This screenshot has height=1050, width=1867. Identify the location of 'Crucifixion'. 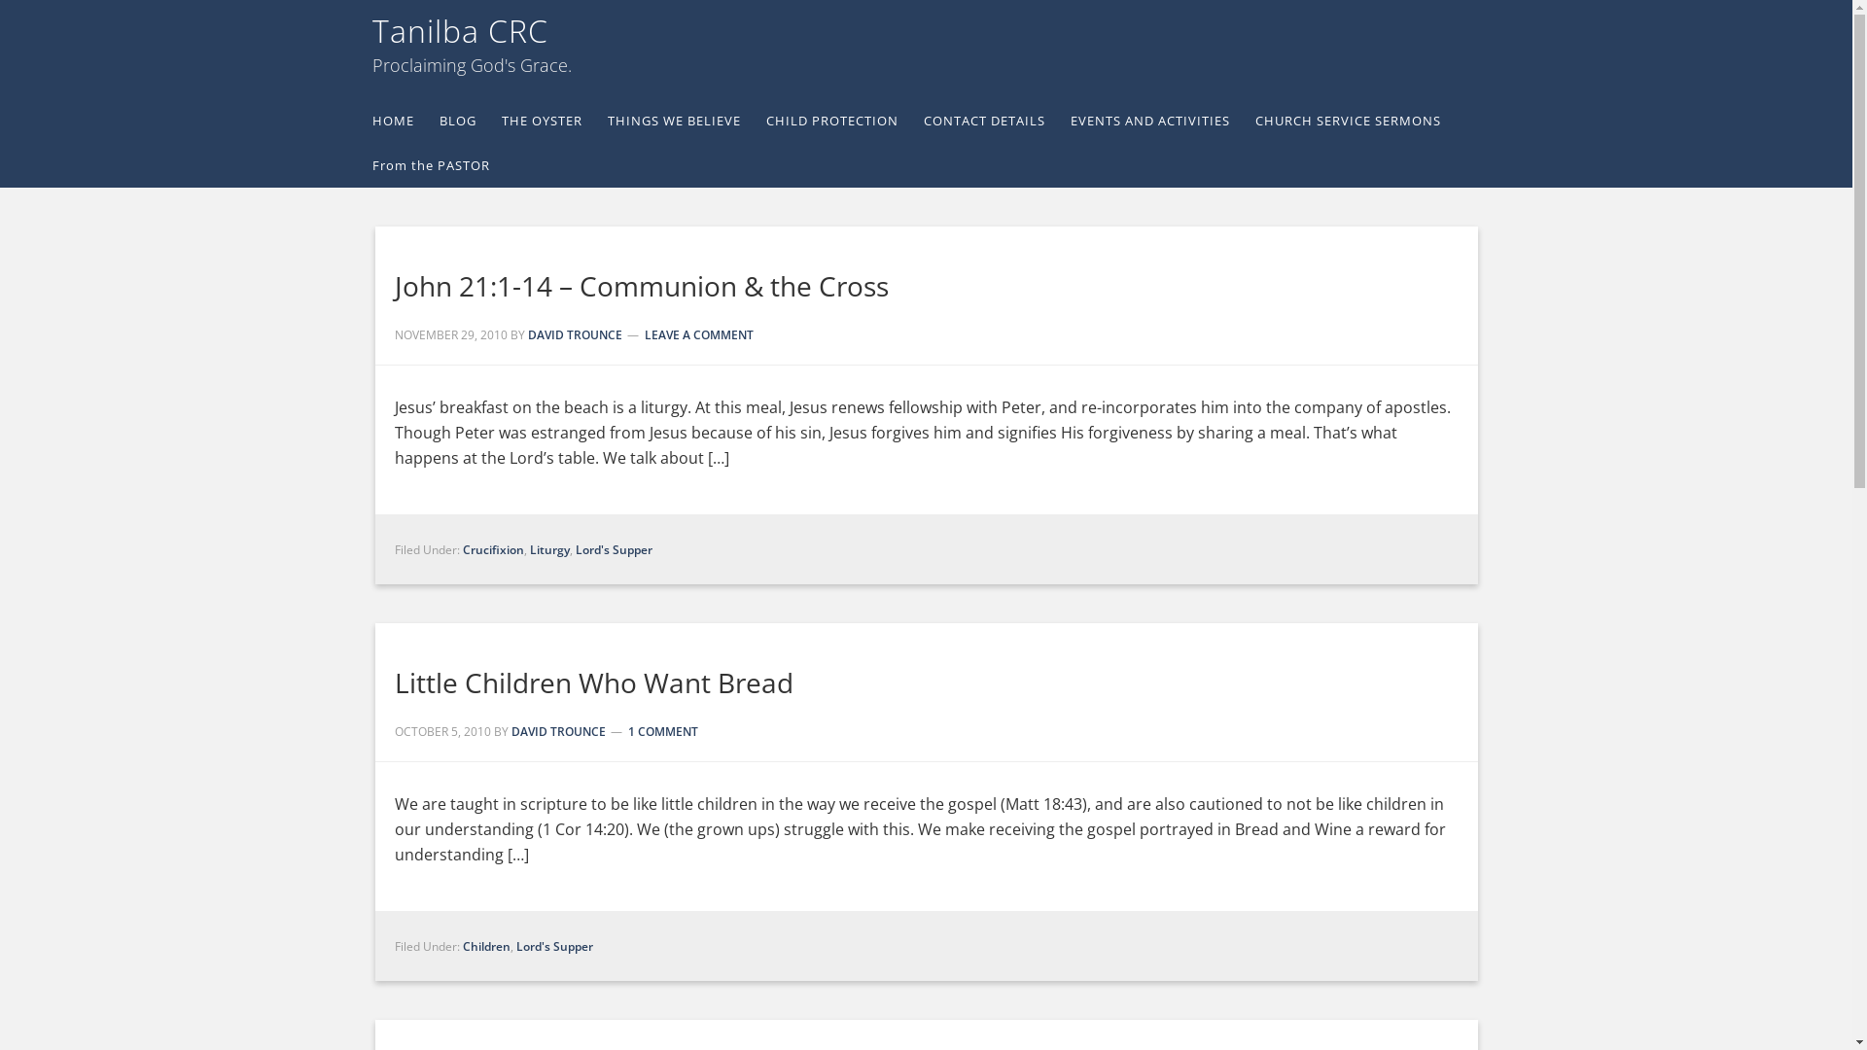
(493, 548).